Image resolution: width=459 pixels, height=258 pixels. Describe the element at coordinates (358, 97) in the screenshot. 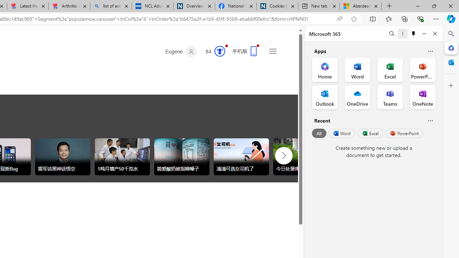

I see `'OneDrive Office App'` at that location.